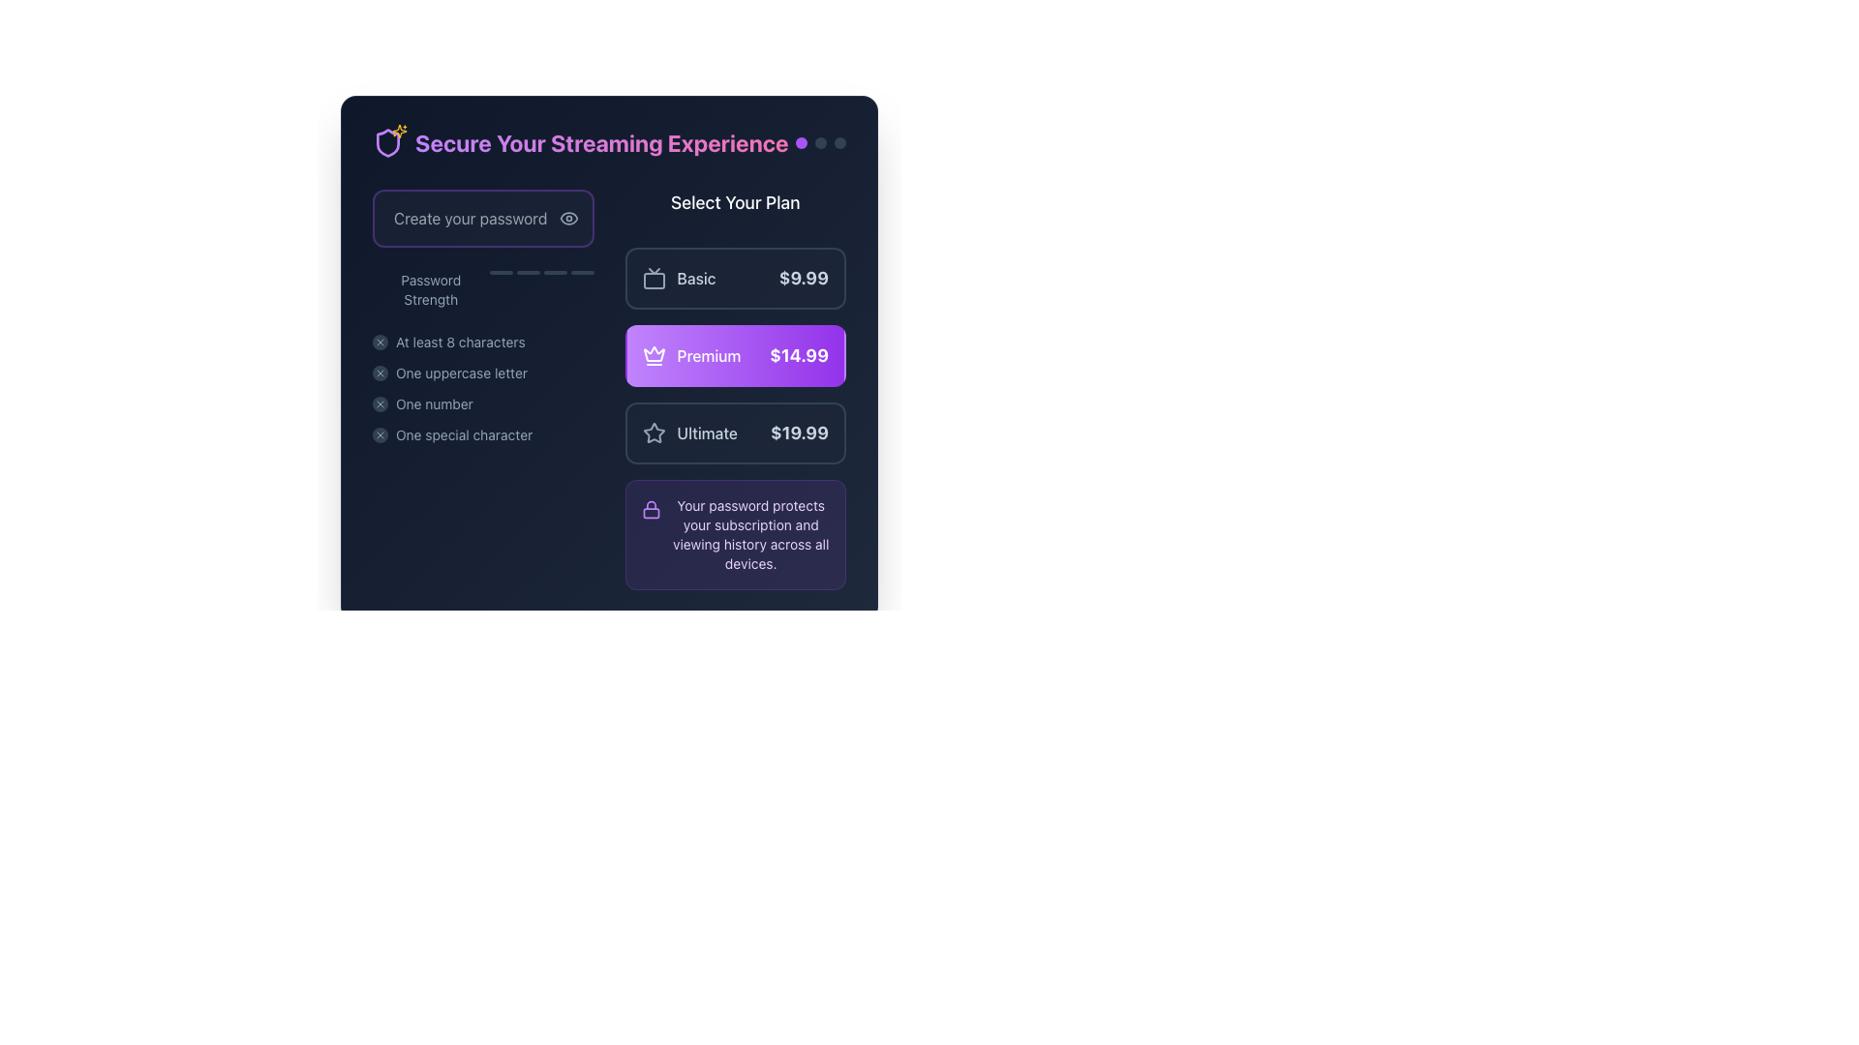 This screenshot has width=1859, height=1045. I want to click on the small rectangular keyhole shape located at the bottom of the purple lock icon in the header section titled 'Secure Your Streaming Experience', so click(651, 512).